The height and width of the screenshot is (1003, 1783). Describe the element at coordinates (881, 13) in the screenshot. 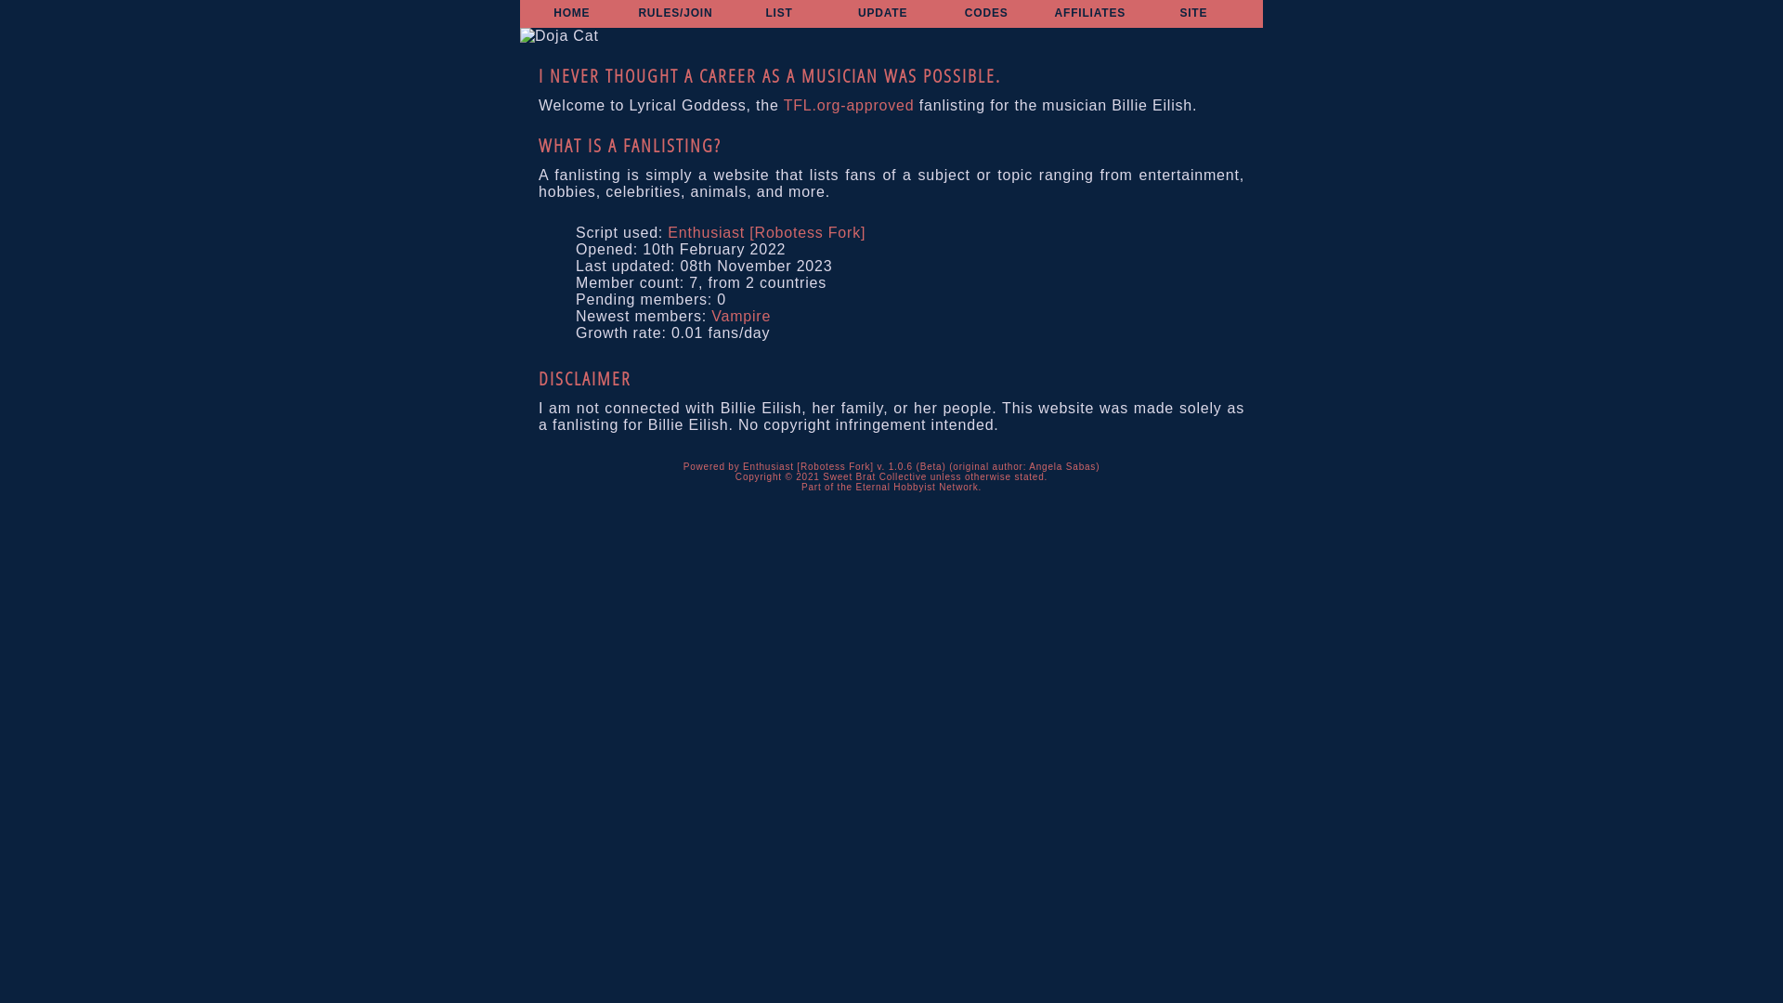

I see `'UPDATE'` at that location.